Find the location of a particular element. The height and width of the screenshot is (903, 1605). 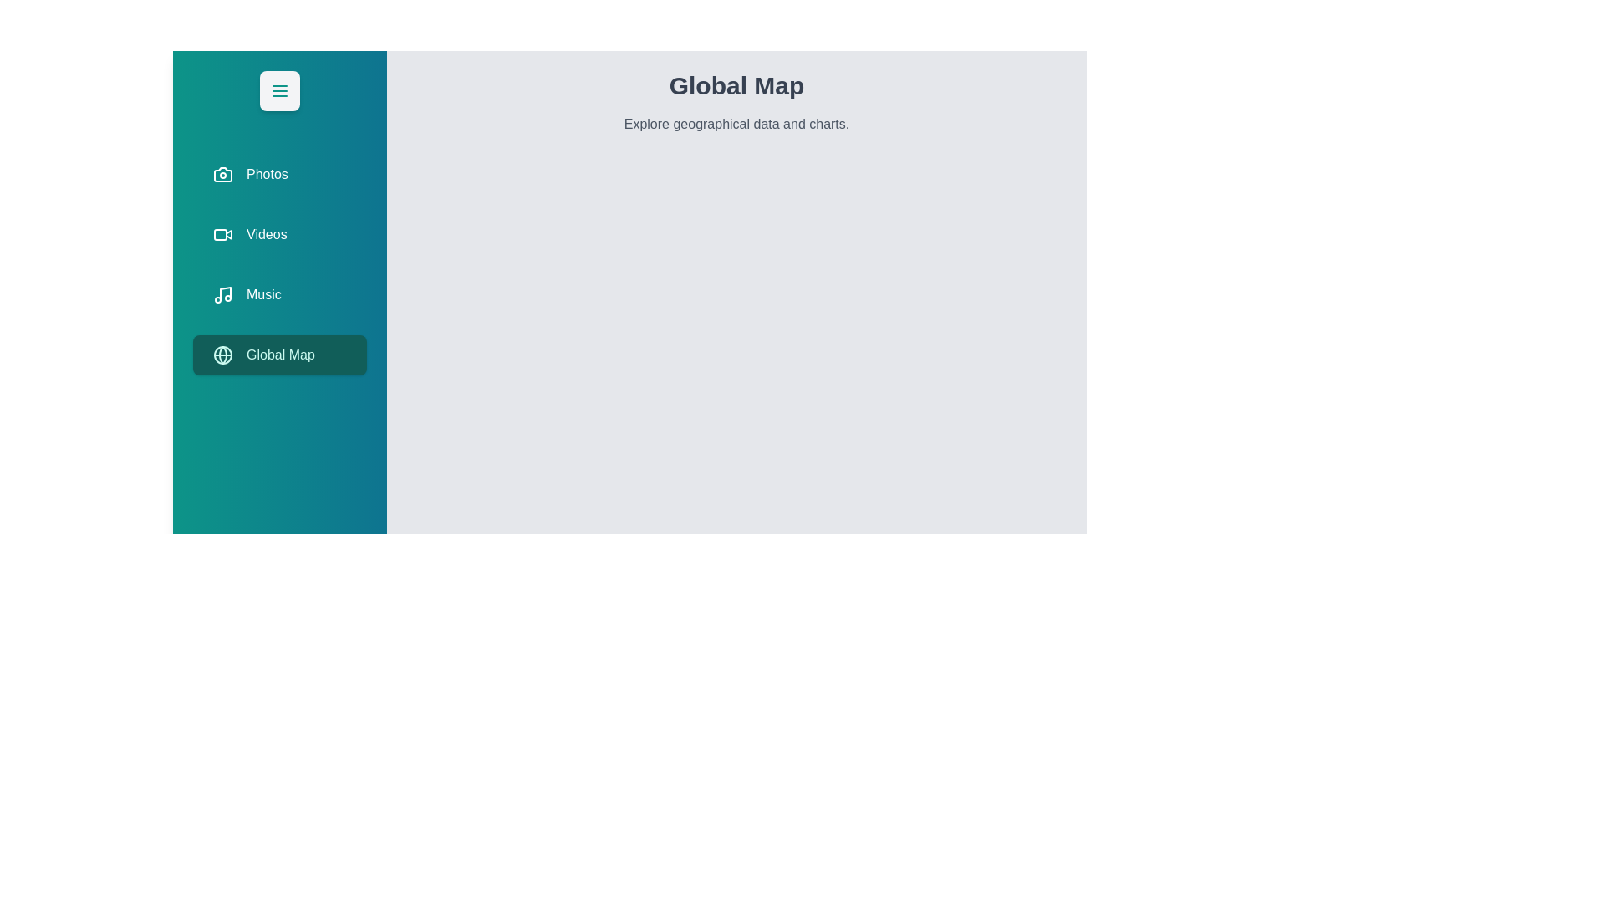

the tab labeled Global Map from the menu is located at coordinates (280, 354).